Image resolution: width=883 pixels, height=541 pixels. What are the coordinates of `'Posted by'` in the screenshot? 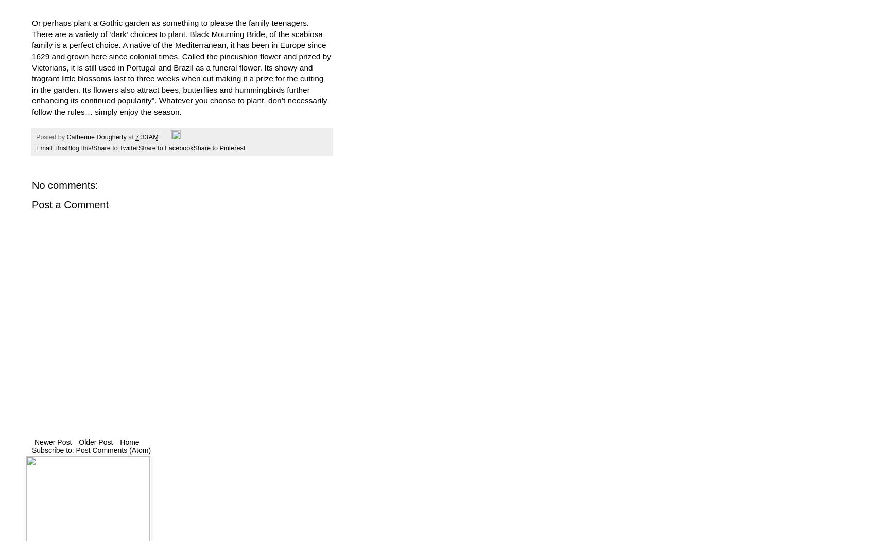 It's located at (50, 137).